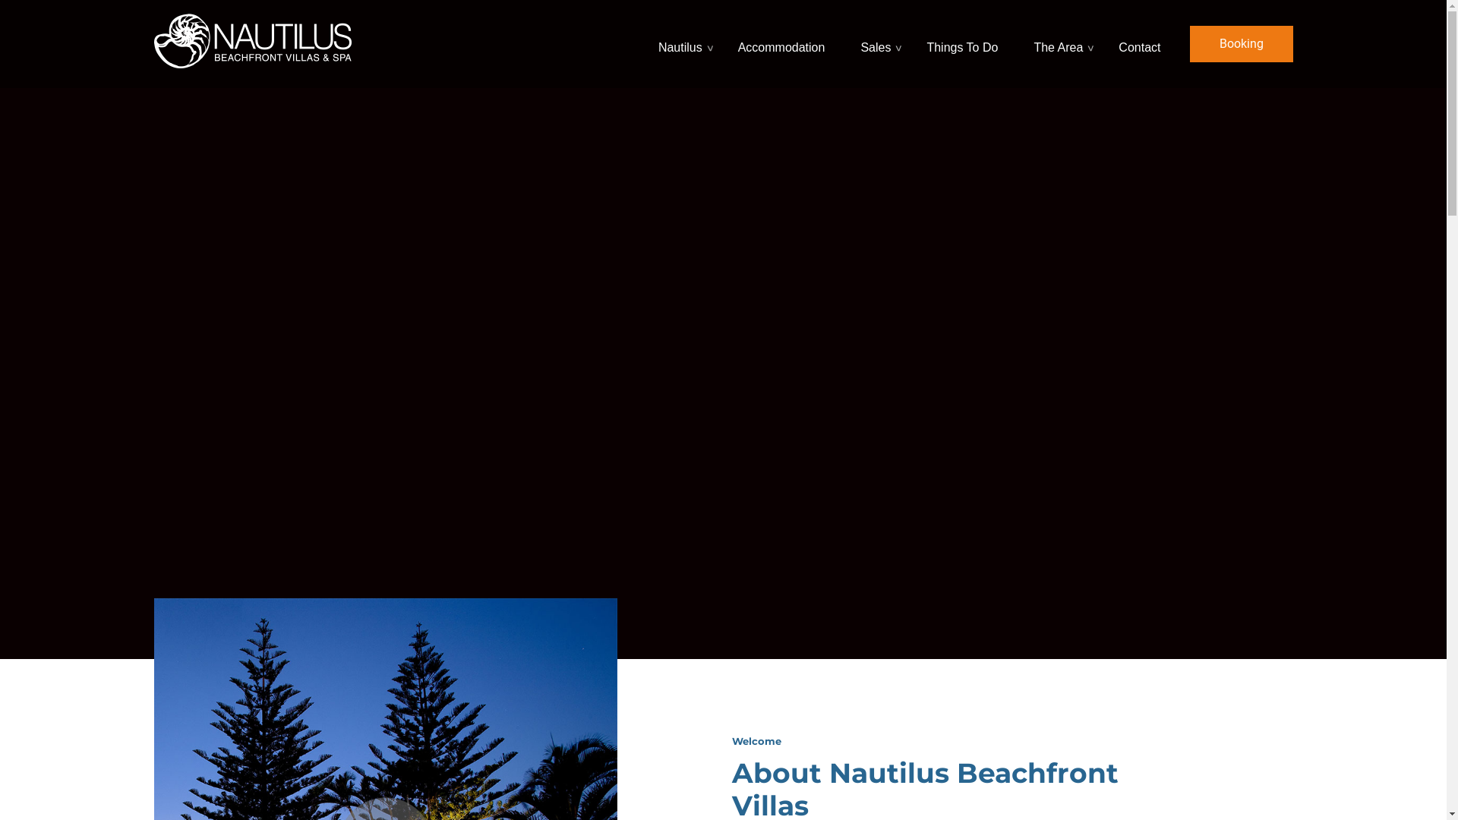 This screenshot has width=1458, height=820. I want to click on 'Nautilus', so click(652, 43).